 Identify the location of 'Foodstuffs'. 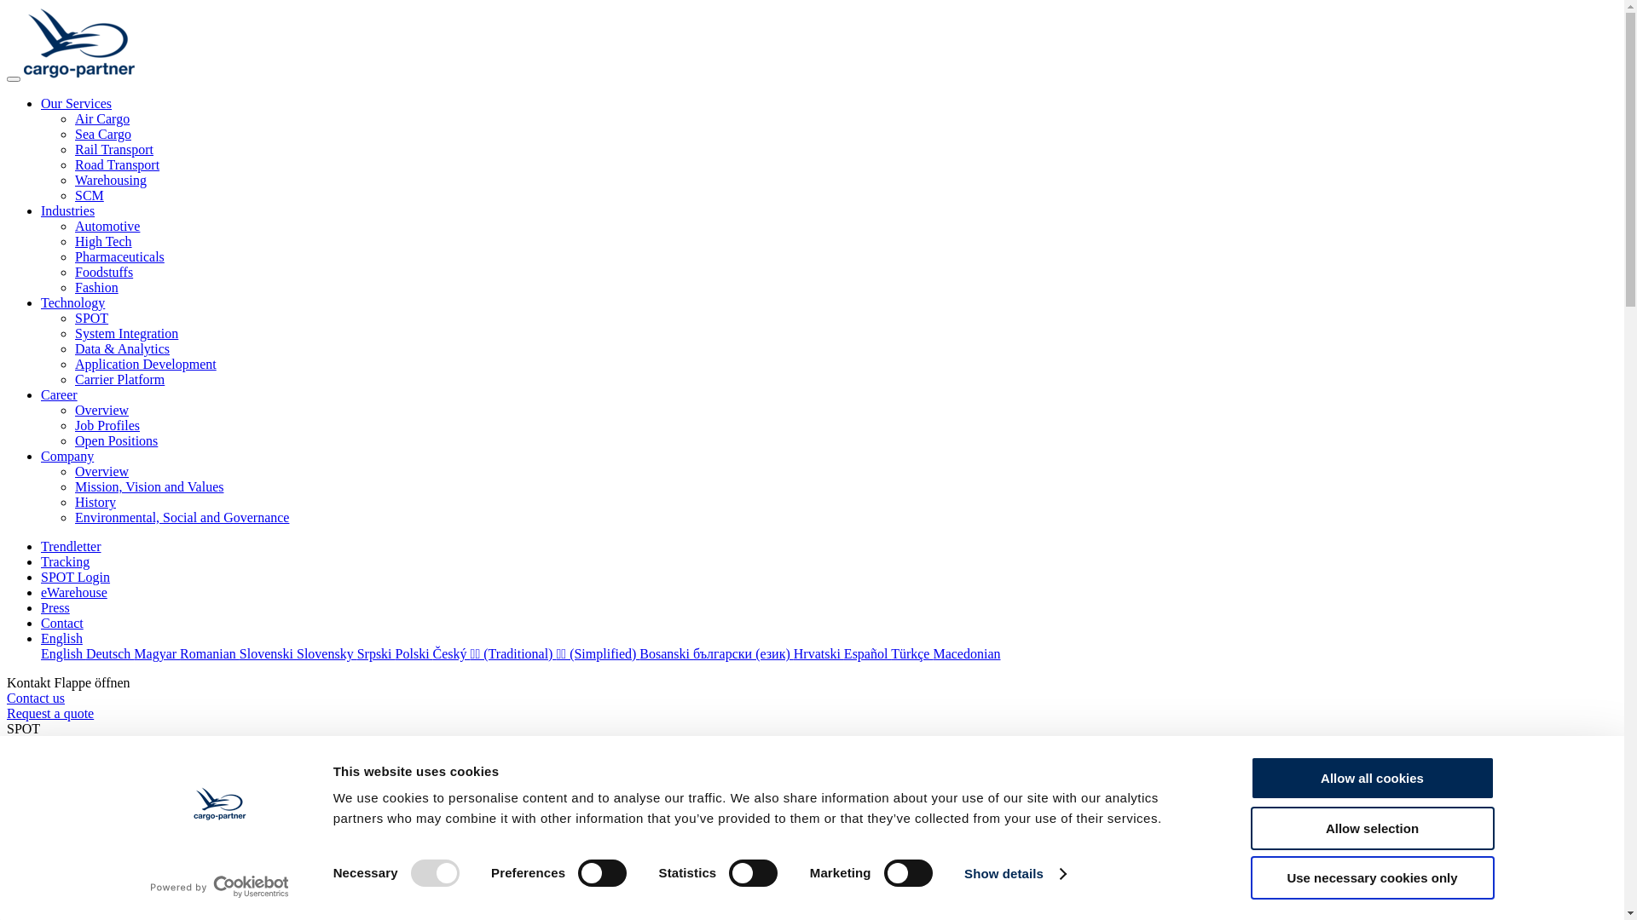
(73, 271).